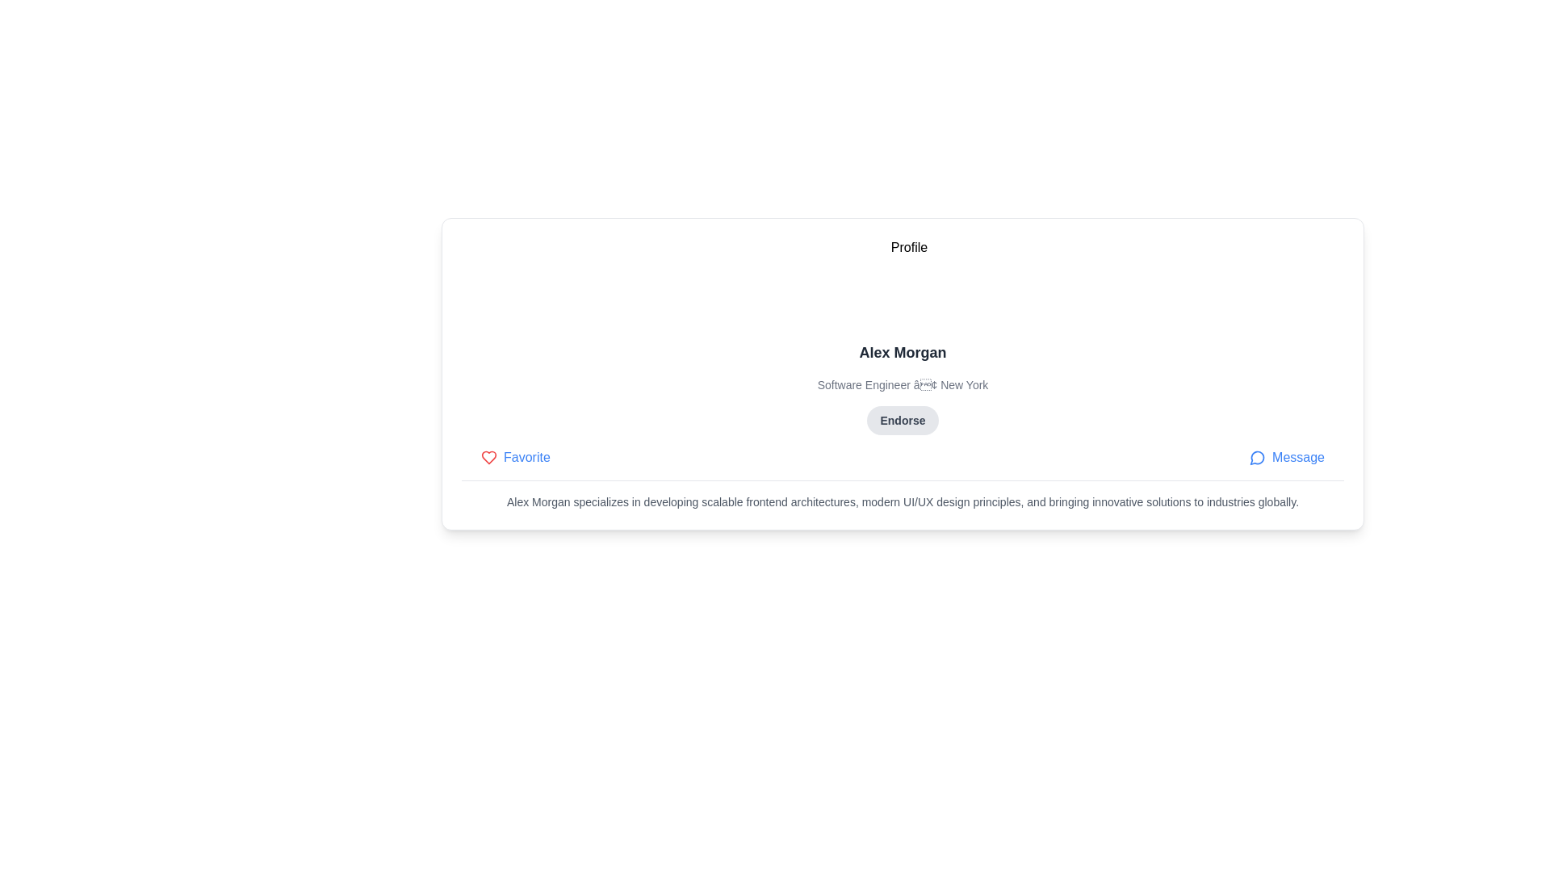 This screenshot has width=1550, height=872. Describe the element at coordinates (902, 351) in the screenshot. I see `the Text Label that identifies the name of the user whose profile is being viewed, located below the user's profile image and above the subtitle 'Software Engineer â€¢ New York.'` at that location.